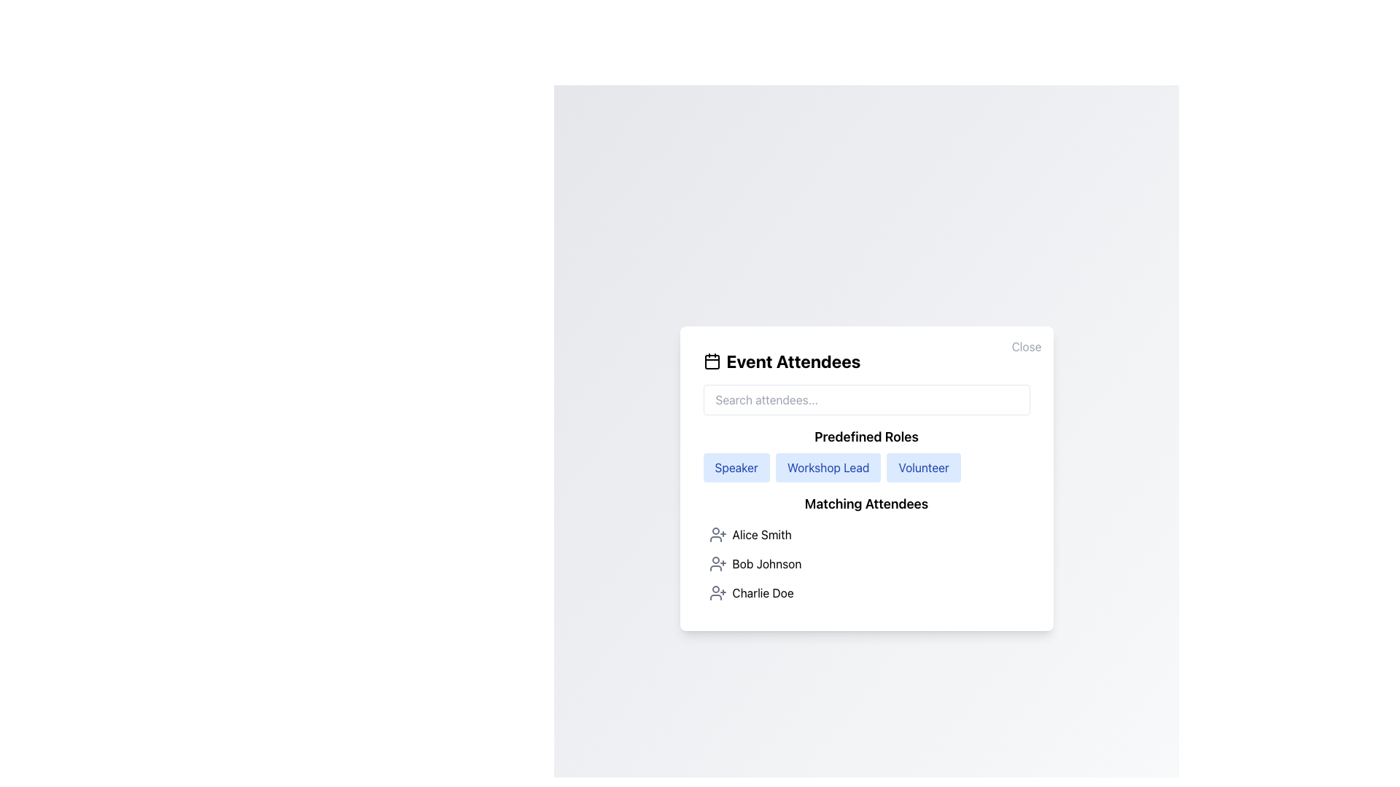 This screenshot has height=787, width=1400. I want to click on the decorative or functional icon located in the top-left corner of the header section of the 'Event Attendees' dialog box, so click(712, 361).